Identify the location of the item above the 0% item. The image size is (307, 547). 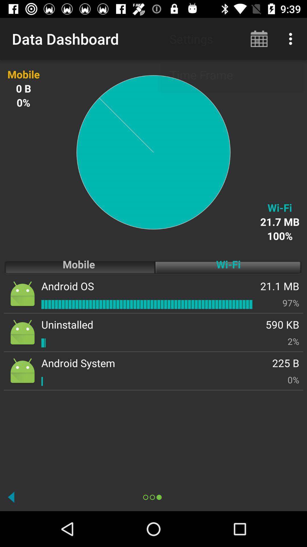
(286, 363).